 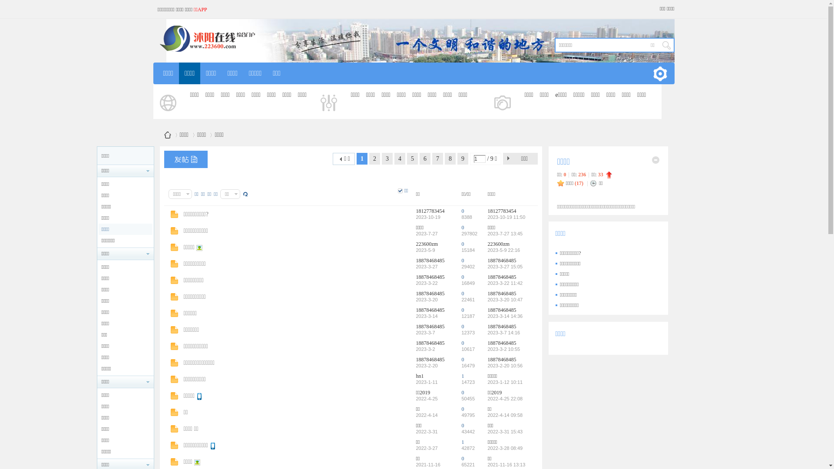 I want to click on '2023-3-14 14:36', so click(x=505, y=316).